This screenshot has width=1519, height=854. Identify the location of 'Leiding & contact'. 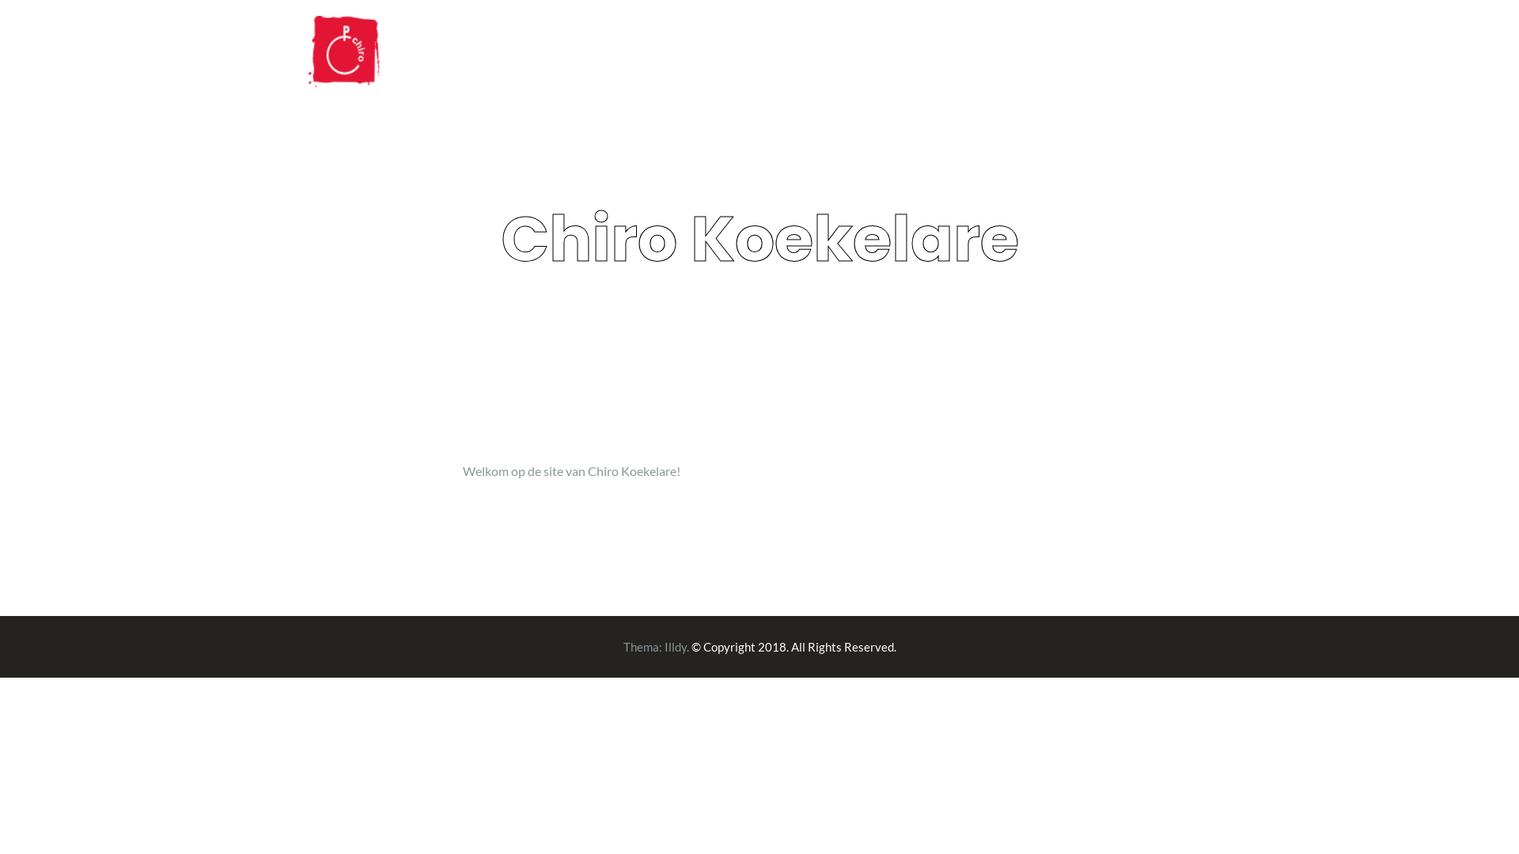
(820, 53).